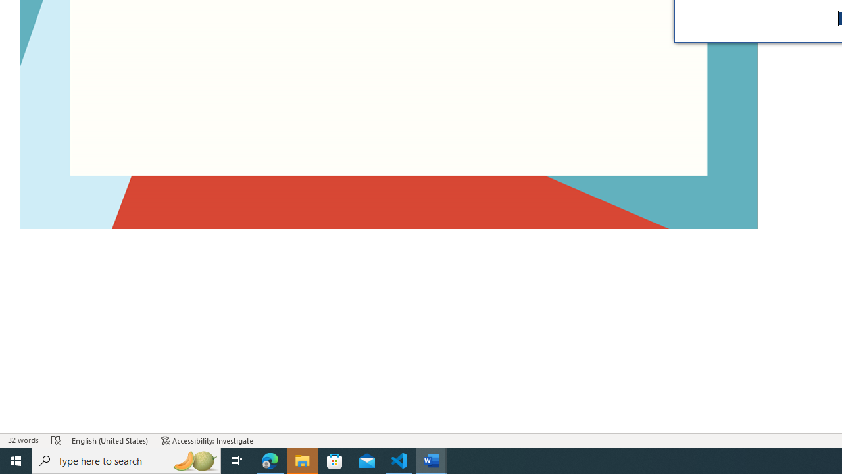 This screenshot has width=842, height=474. Describe the element at coordinates (207, 440) in the screenshot. I see `'Accessibility Checker Accessibility: Investigate'` at that location.